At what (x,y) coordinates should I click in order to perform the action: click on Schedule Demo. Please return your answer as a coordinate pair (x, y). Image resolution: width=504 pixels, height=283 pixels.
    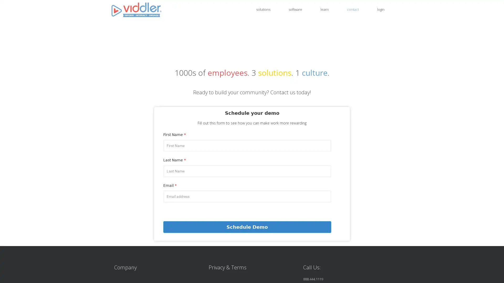
    Looking at the image, I should click on (247, 226).